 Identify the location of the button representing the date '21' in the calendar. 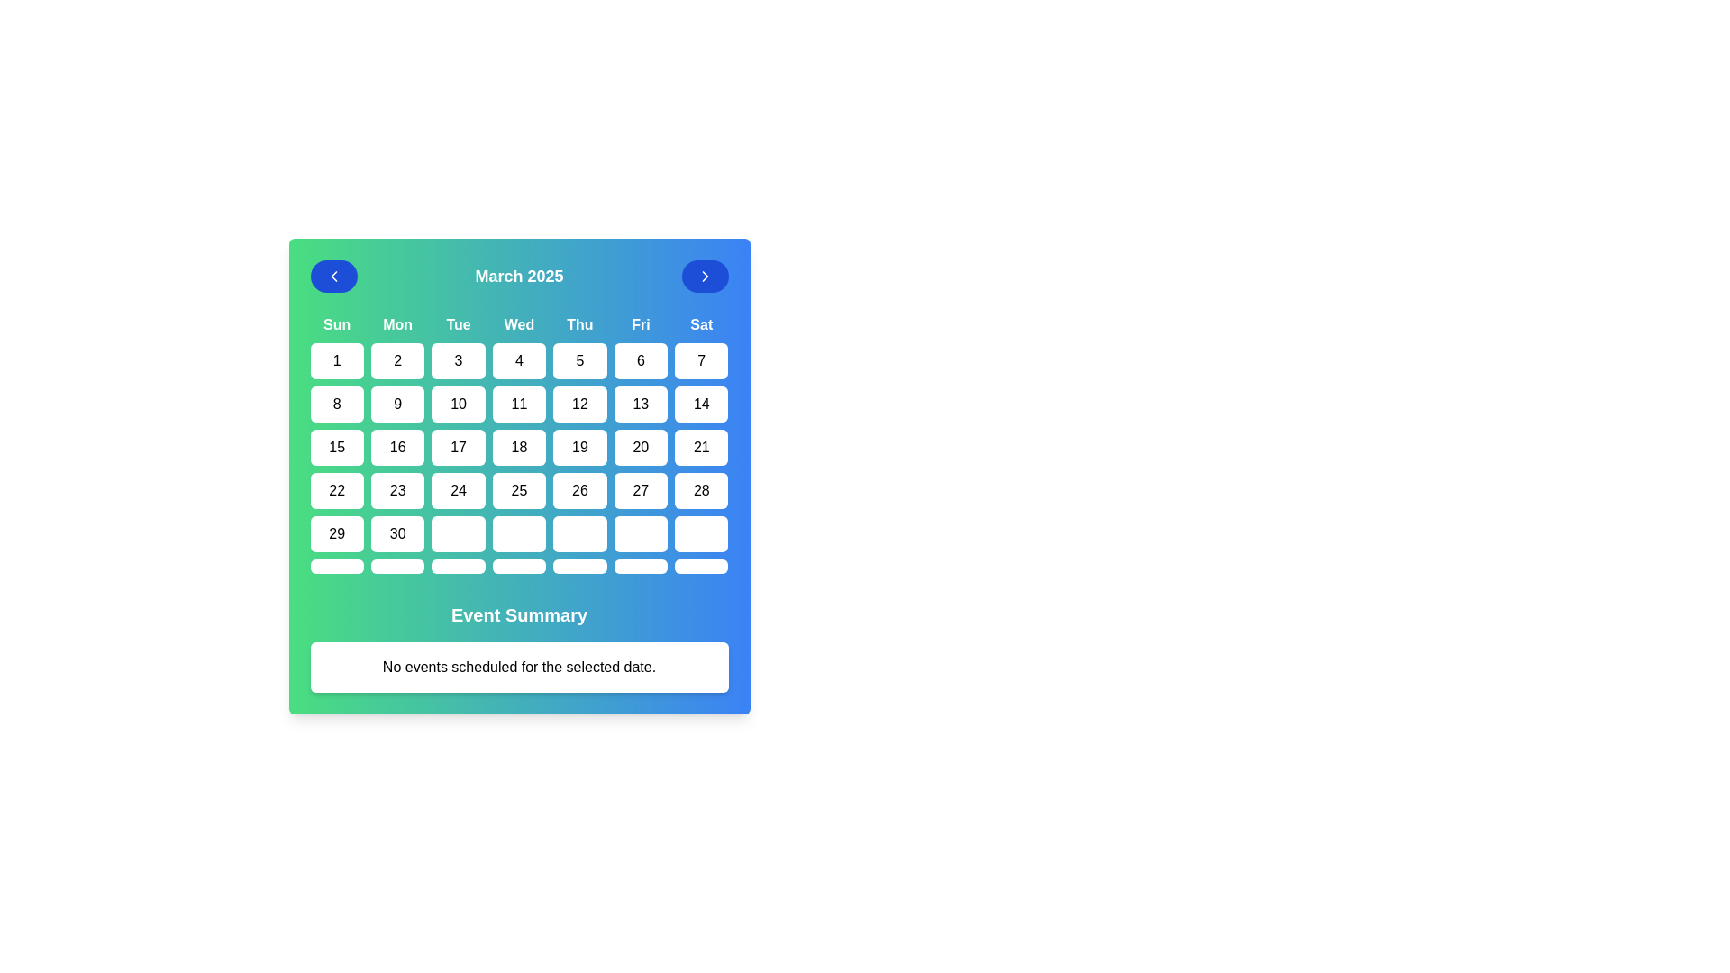
(700, 447).